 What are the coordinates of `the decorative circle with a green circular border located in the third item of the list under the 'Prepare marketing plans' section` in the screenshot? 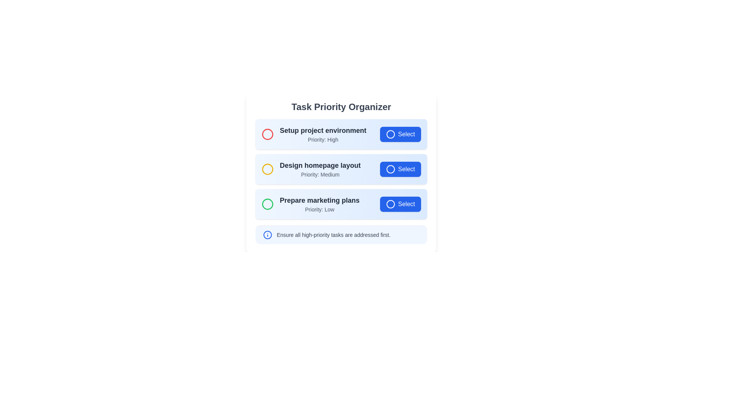 It's located at (268, 203).